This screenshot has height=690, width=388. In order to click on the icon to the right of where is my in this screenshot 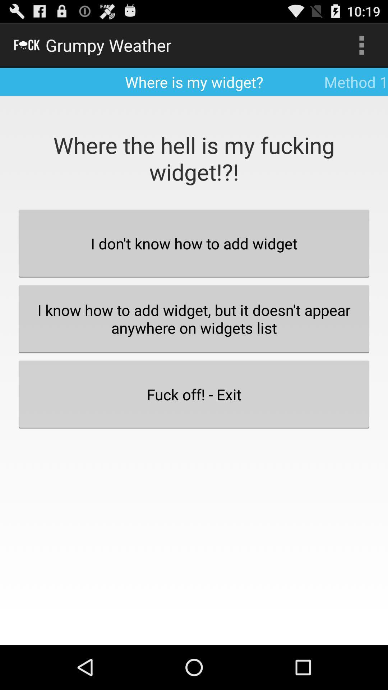, I will do `click(361, 45)`.